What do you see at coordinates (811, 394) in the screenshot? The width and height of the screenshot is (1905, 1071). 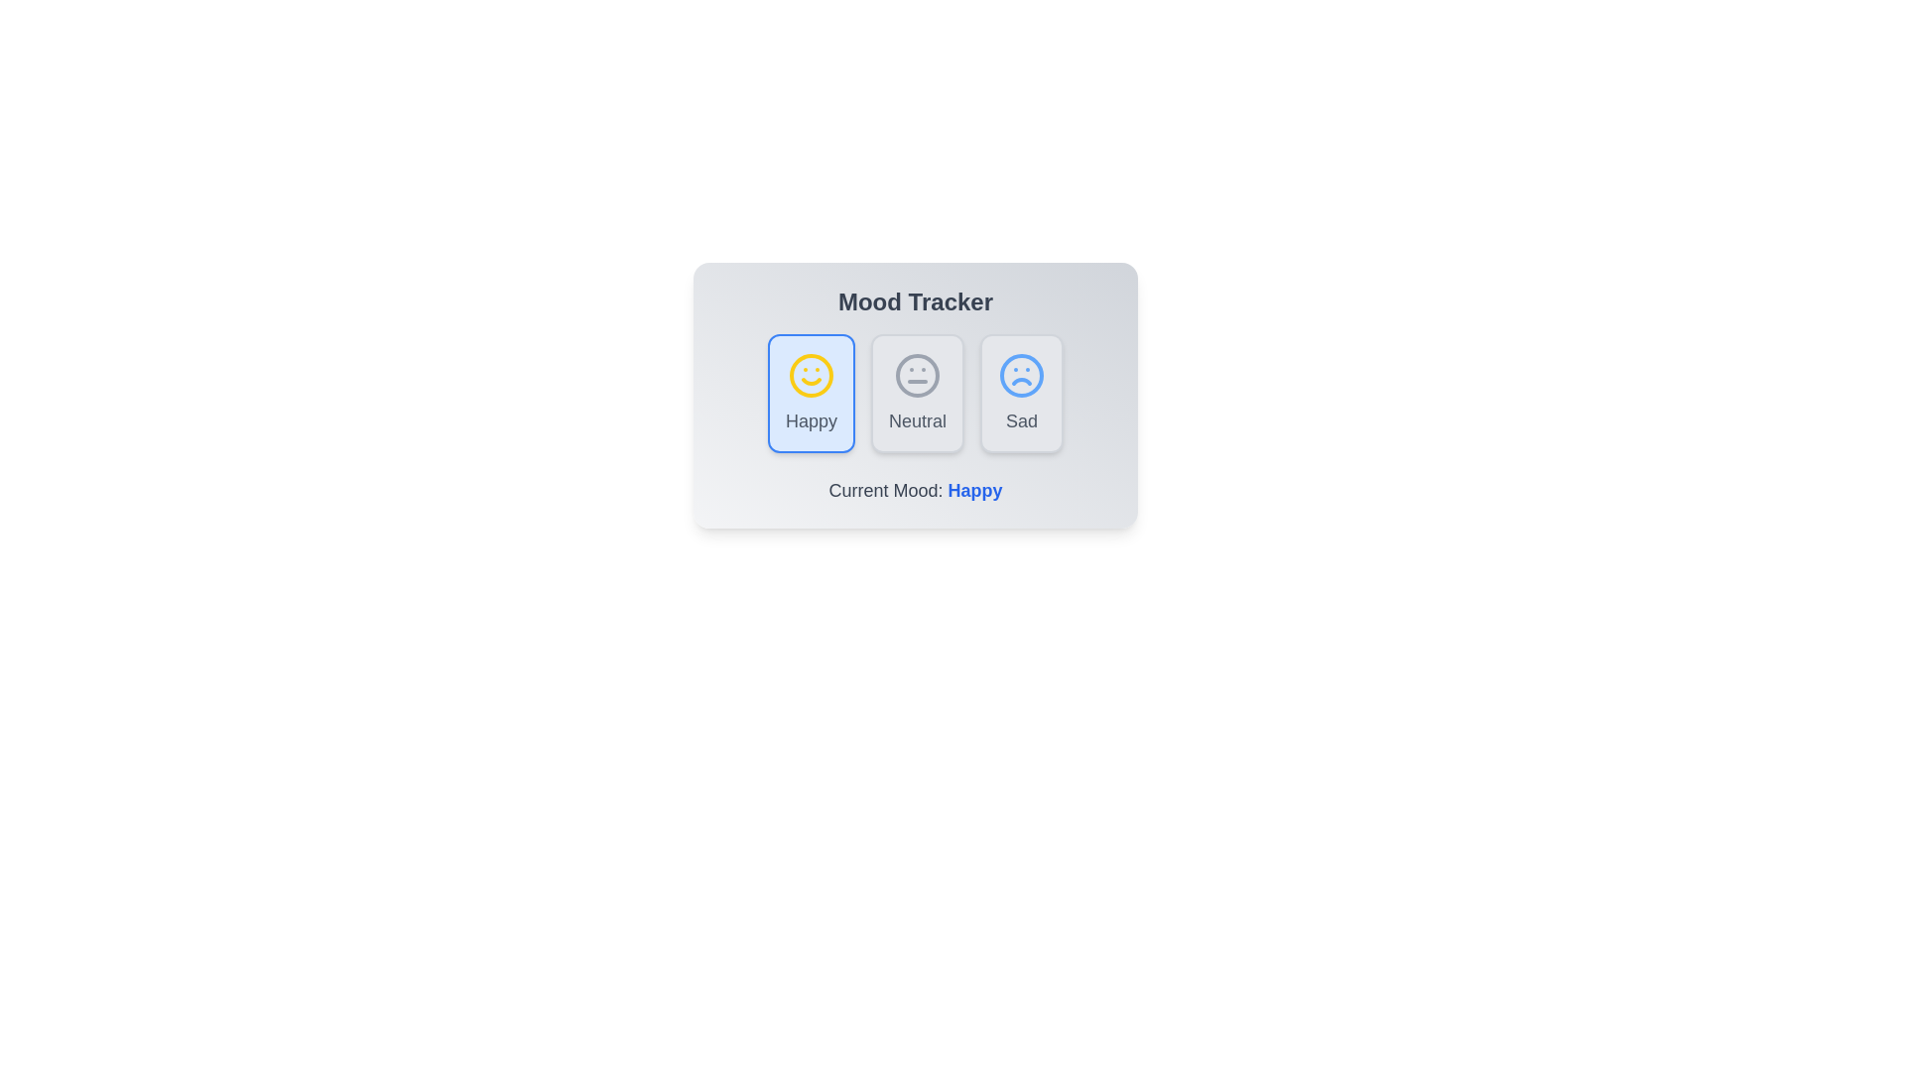 I see `the mood button to select the mood Happy` at bounding box center [811, 394].